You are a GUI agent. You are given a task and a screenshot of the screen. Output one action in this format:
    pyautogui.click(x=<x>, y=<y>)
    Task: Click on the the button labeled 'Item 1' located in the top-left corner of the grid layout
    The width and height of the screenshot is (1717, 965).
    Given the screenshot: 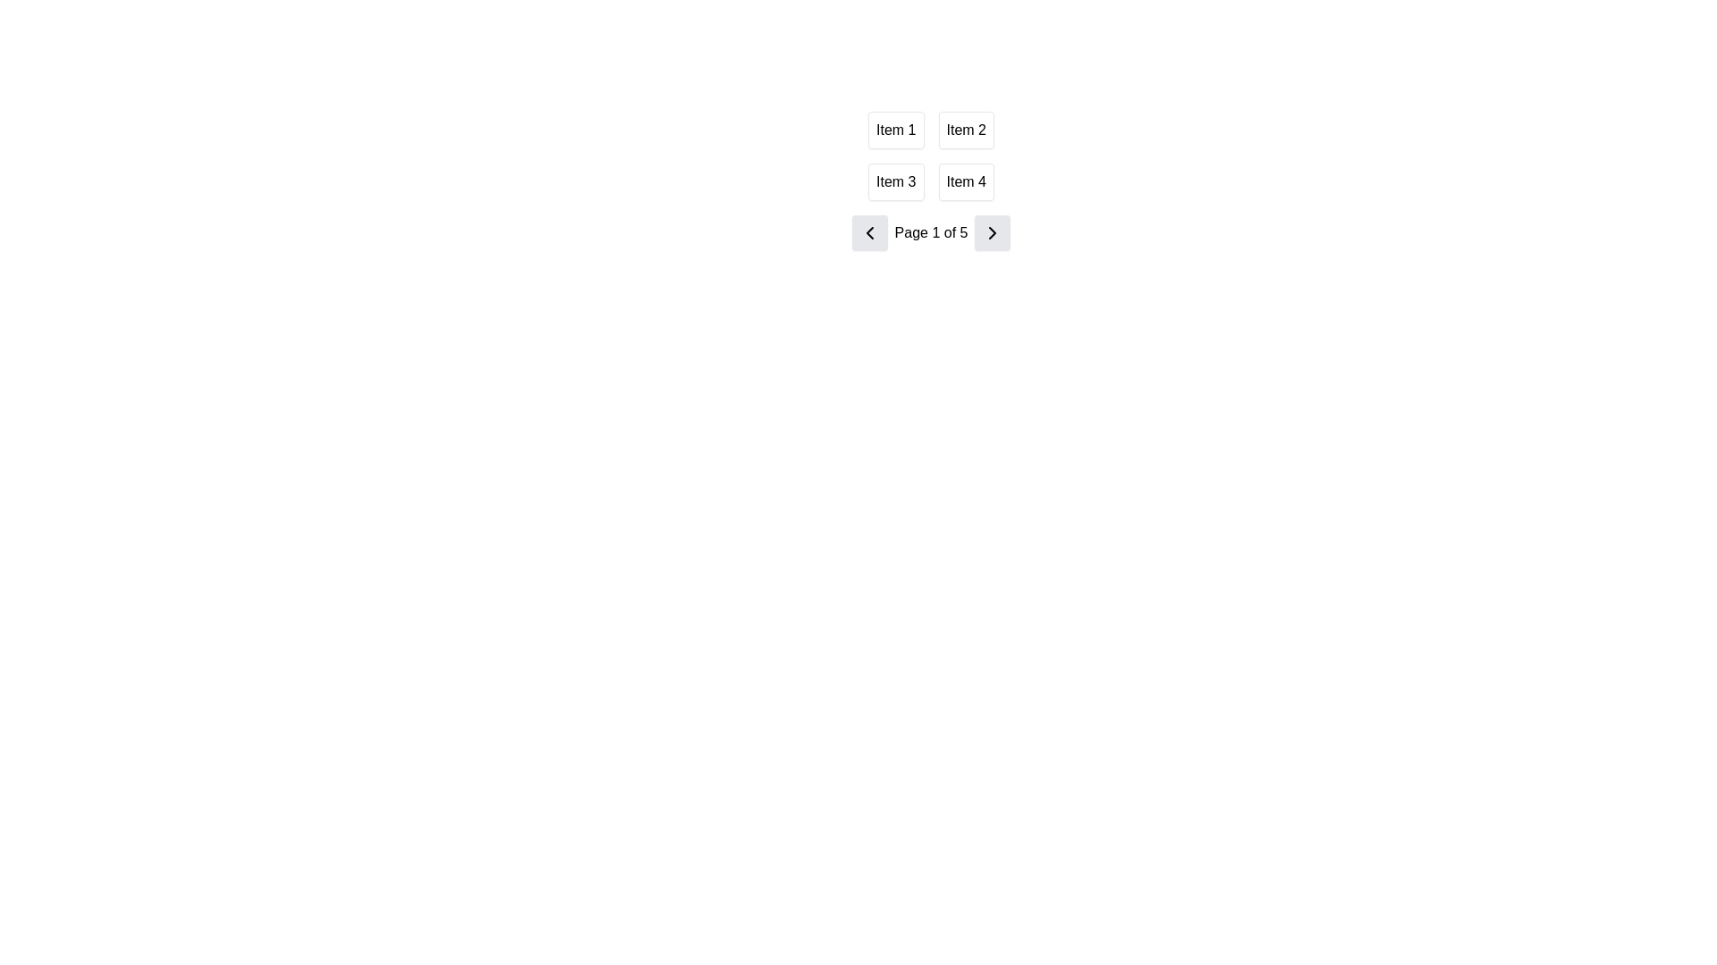 What is the action you would take?
    pyautogui.click(x=896, y=130)
    